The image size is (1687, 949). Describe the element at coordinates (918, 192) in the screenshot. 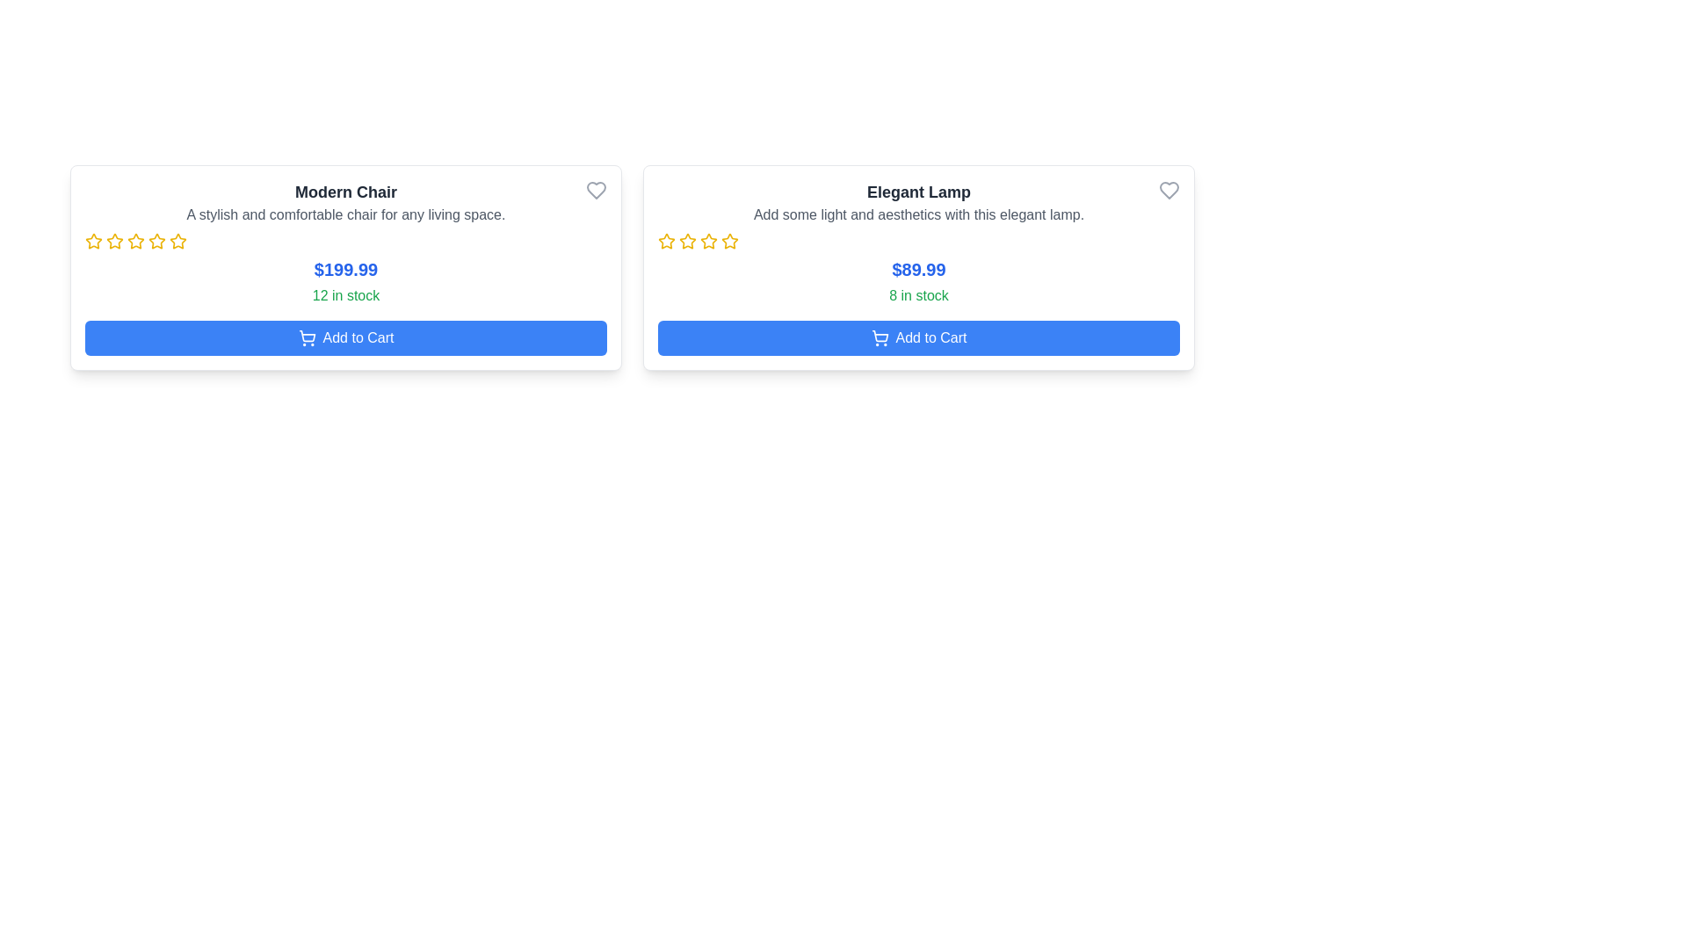

I see `the 'Elegant Lamp' header text, which is displayed in bold dark gray at the top of the right product card` at that location.